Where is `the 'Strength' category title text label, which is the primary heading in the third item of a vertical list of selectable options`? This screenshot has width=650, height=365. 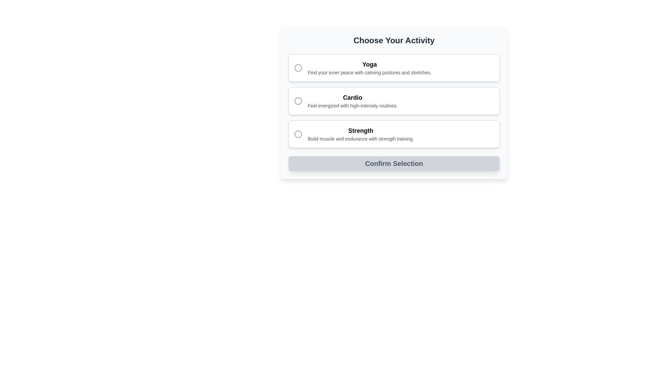 the 'Strength' category title text label, which is the primary heading in the third item of a vertical list of selectable options is located at coordinates (360, 130).